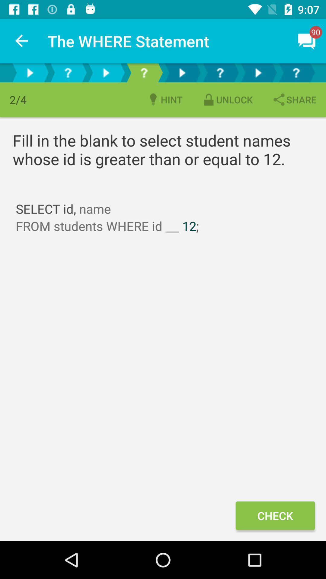  What do you see at coordinates (30, 72) in the screenshot?
I see `proceed to the next question` at bounding box center [30, 72].